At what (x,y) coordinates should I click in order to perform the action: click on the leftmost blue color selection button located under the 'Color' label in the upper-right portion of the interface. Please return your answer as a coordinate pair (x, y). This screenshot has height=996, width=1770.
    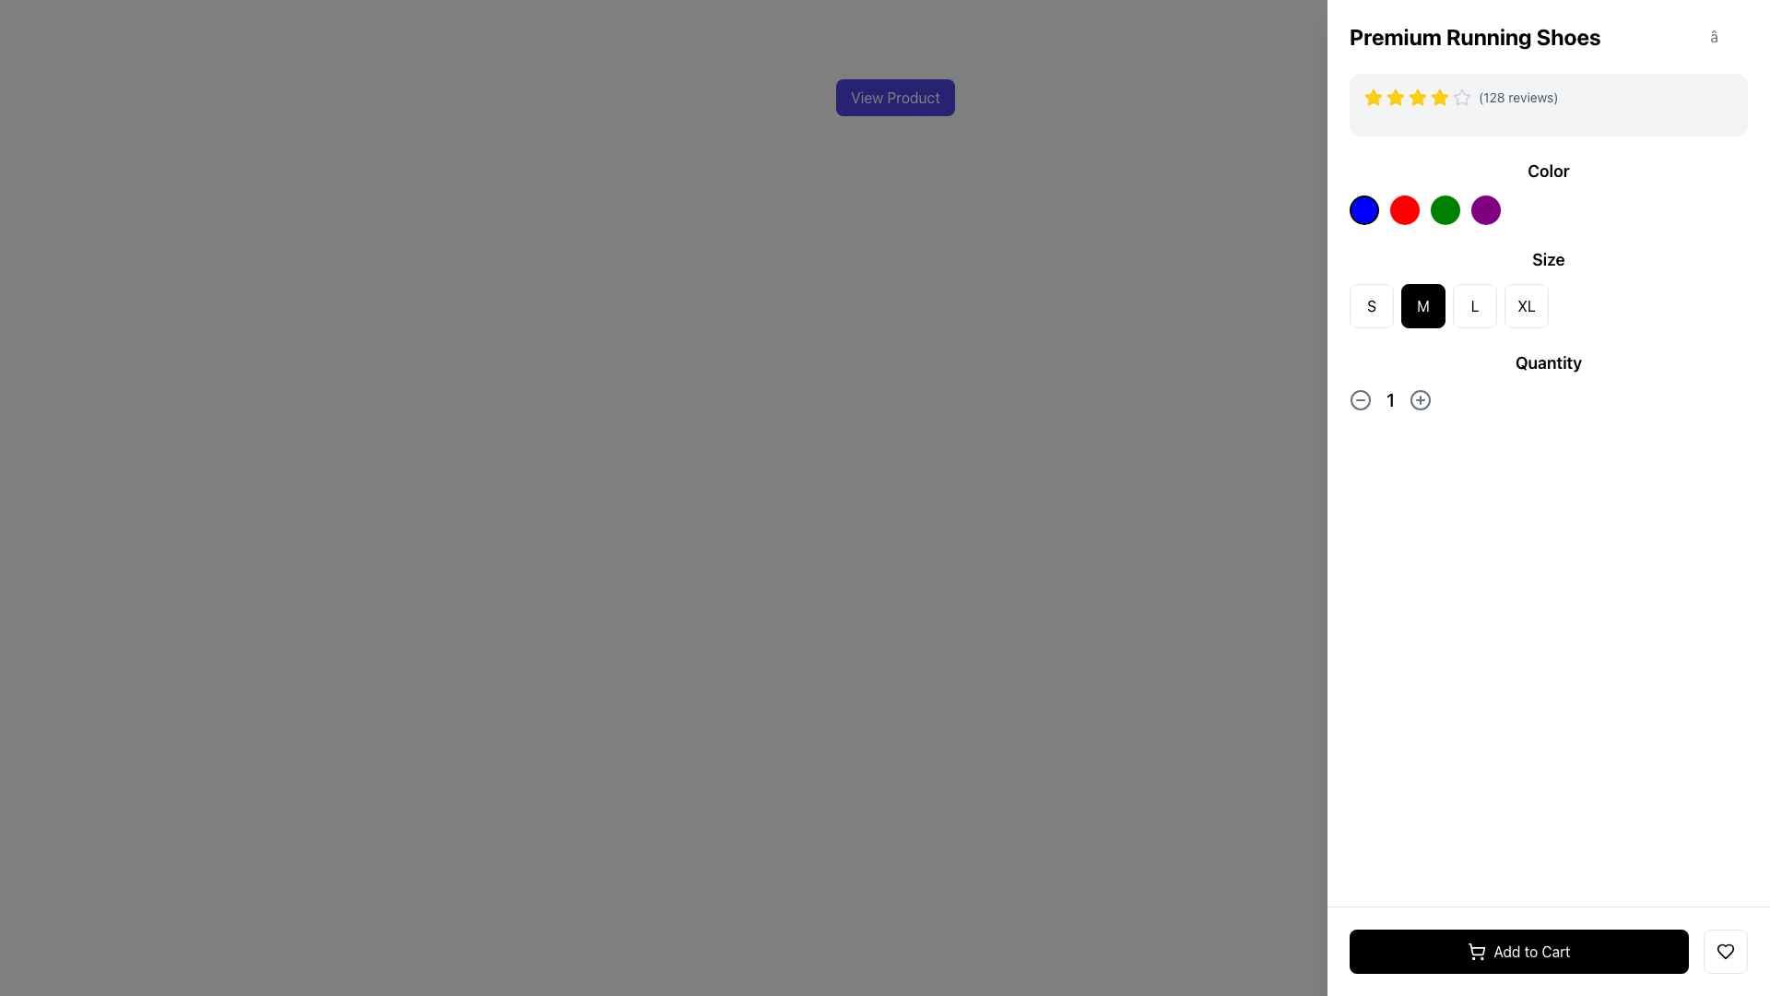
    Looking at the image, I should click on (1363, 208).